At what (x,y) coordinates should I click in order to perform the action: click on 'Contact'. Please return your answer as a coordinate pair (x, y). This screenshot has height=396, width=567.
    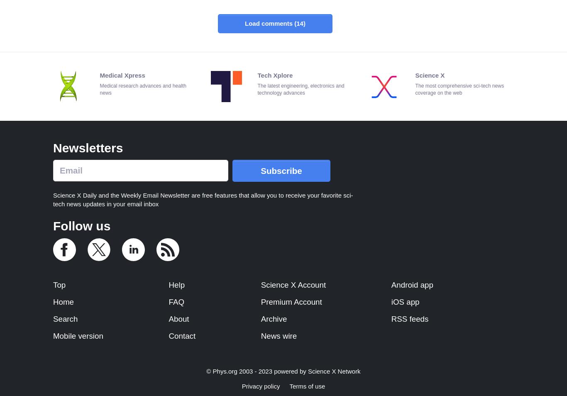
    Looking at the image, I should click on (168, 336).